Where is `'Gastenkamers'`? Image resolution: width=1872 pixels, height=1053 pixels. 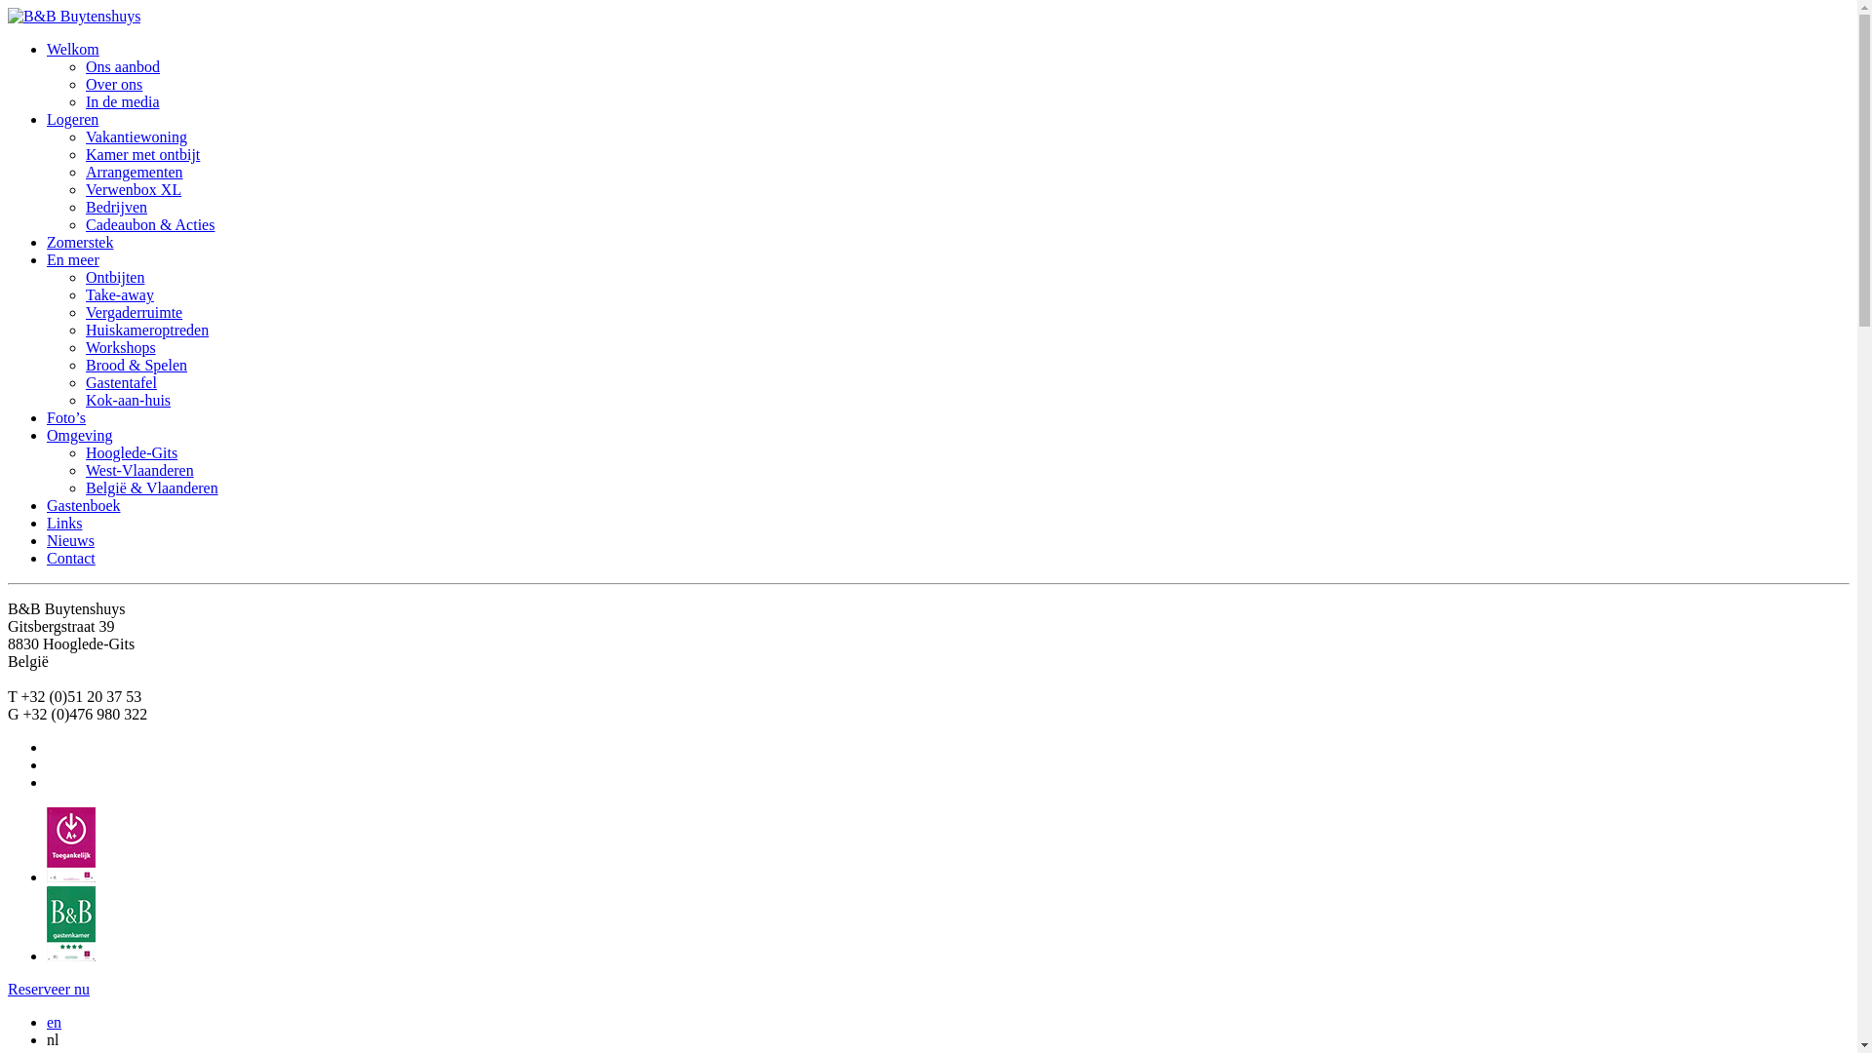
'Gastenkamers' is located at coordinates (47, 955).